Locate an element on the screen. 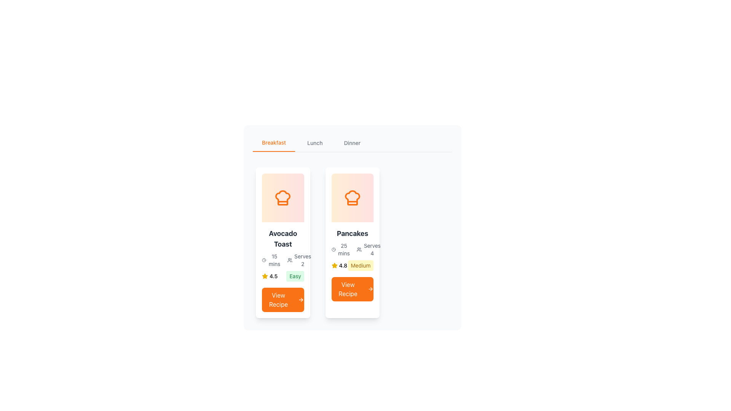 This screenshot has width=731, height=411. the star icon used as a rating indicator for the recipe 'Pancakes', which conveys a quality score of '4.8' is located at coordinates (334, 265).